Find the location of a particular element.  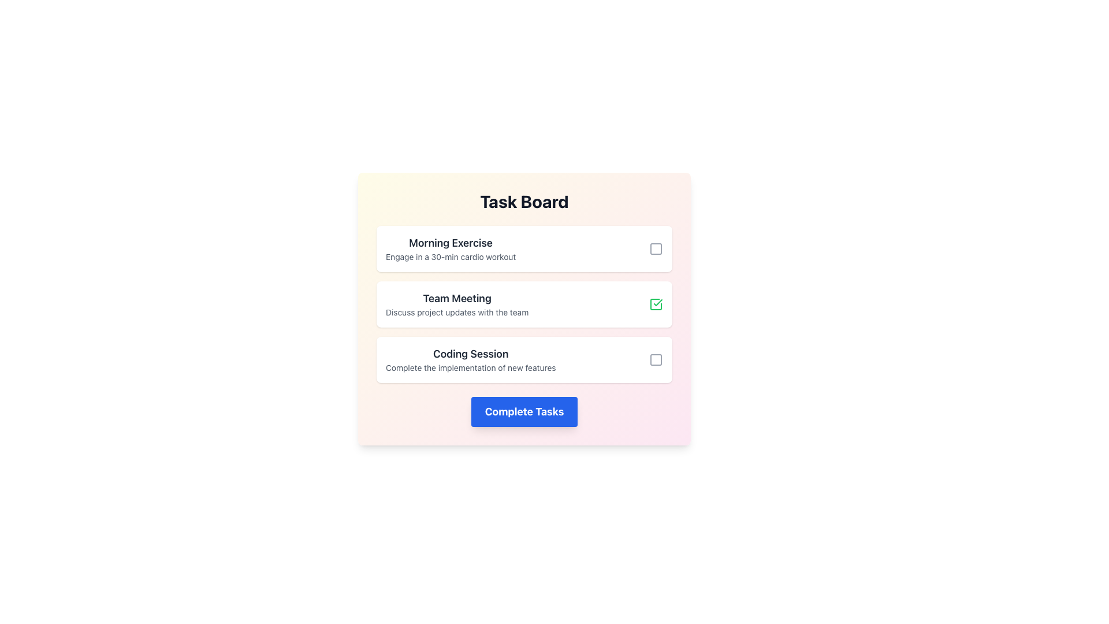

the informative text that provides additional detail about the 'Team Meeting' task, located directly below the 'Team Meeting' title in the second row of task items is located at coordinates (456, 312).